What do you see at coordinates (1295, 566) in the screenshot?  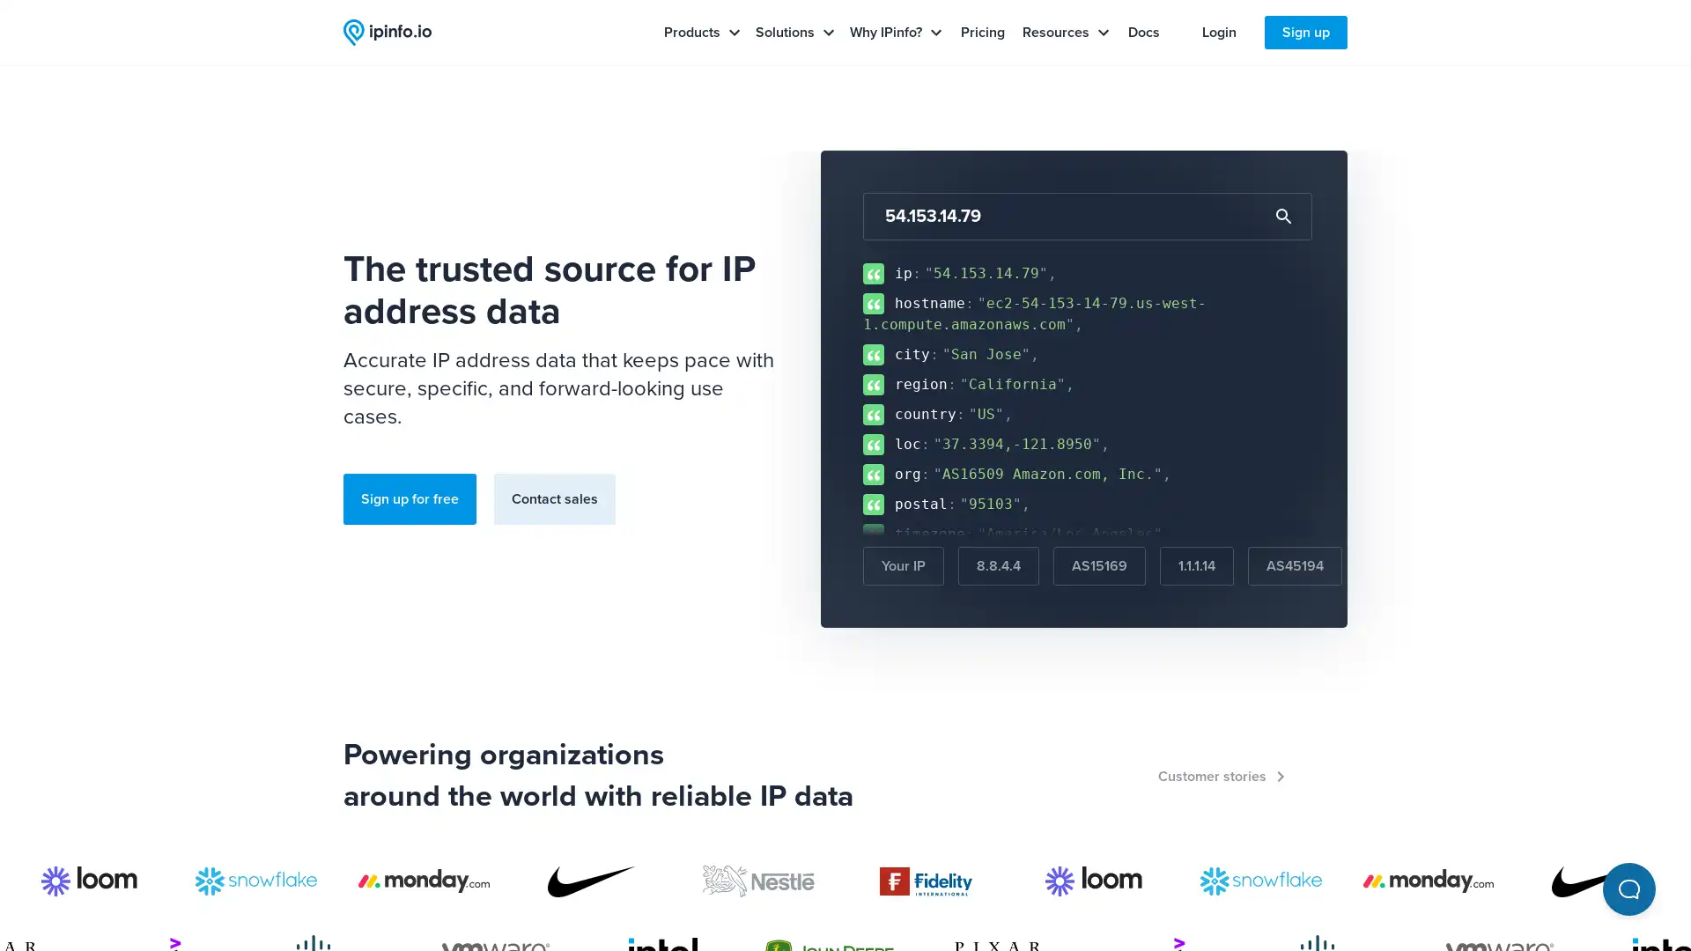 I see `AS45194` at bounding box center [1295, 566].